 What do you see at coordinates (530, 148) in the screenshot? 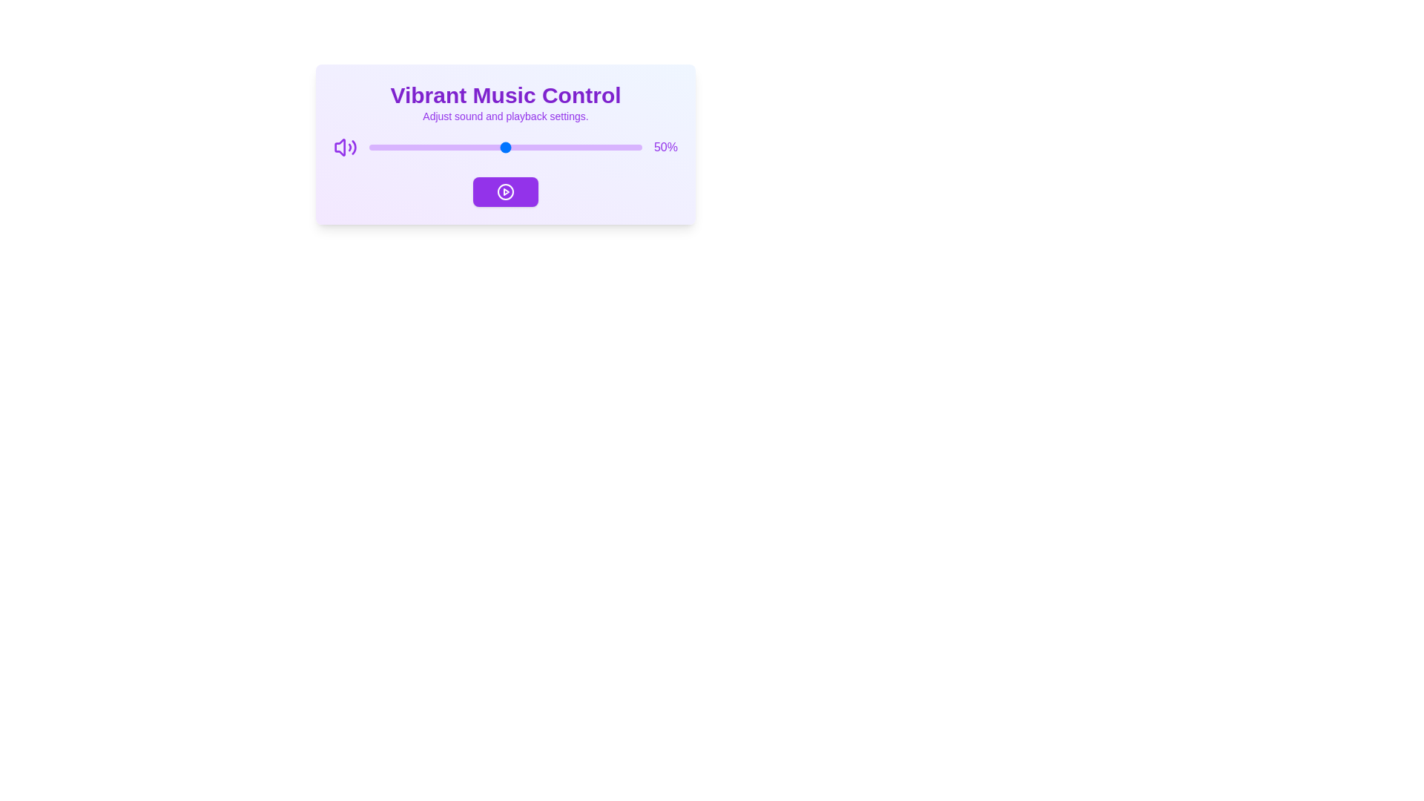
I see `the volume slider to 59%` at bounding box center [530, 148].